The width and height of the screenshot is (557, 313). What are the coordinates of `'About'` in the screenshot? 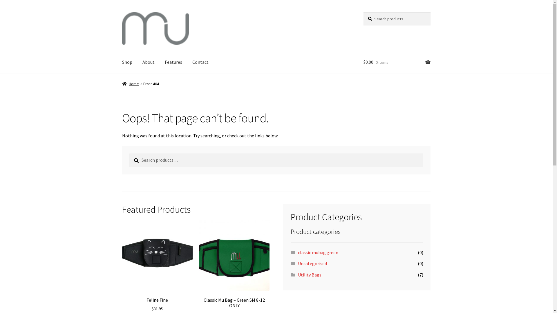 It's located at (149, 63).